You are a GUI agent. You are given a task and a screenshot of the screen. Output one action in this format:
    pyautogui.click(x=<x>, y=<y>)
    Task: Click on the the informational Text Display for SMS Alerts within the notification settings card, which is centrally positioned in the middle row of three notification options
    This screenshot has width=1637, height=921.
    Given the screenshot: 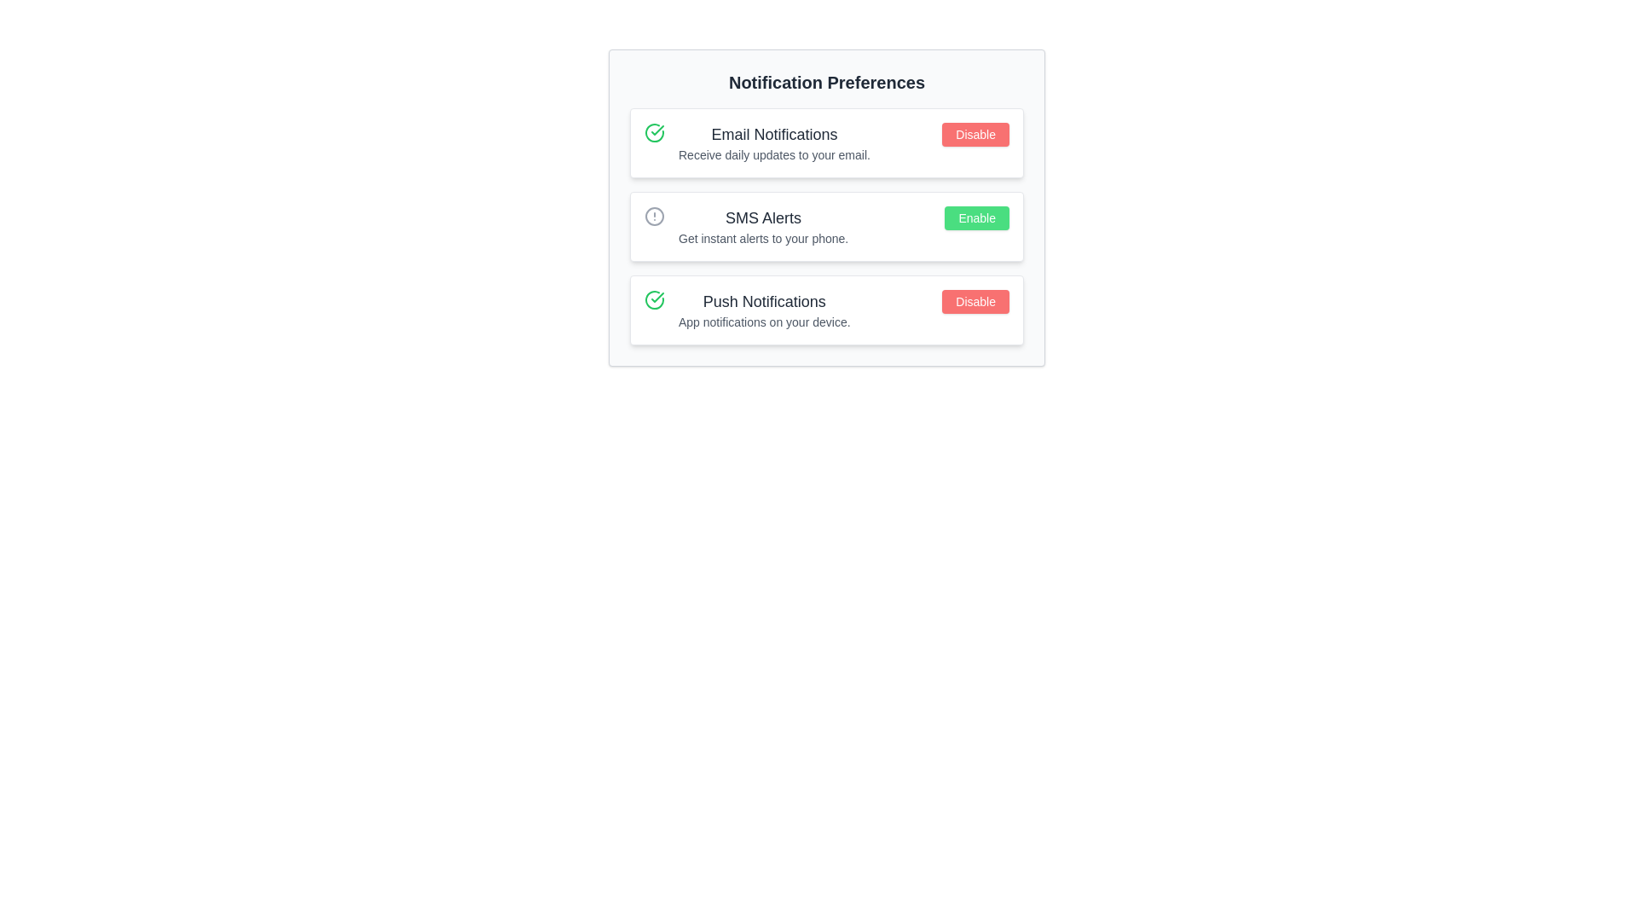 What is the action you would take?
    pyautogui.click(x=762, y=226)
    